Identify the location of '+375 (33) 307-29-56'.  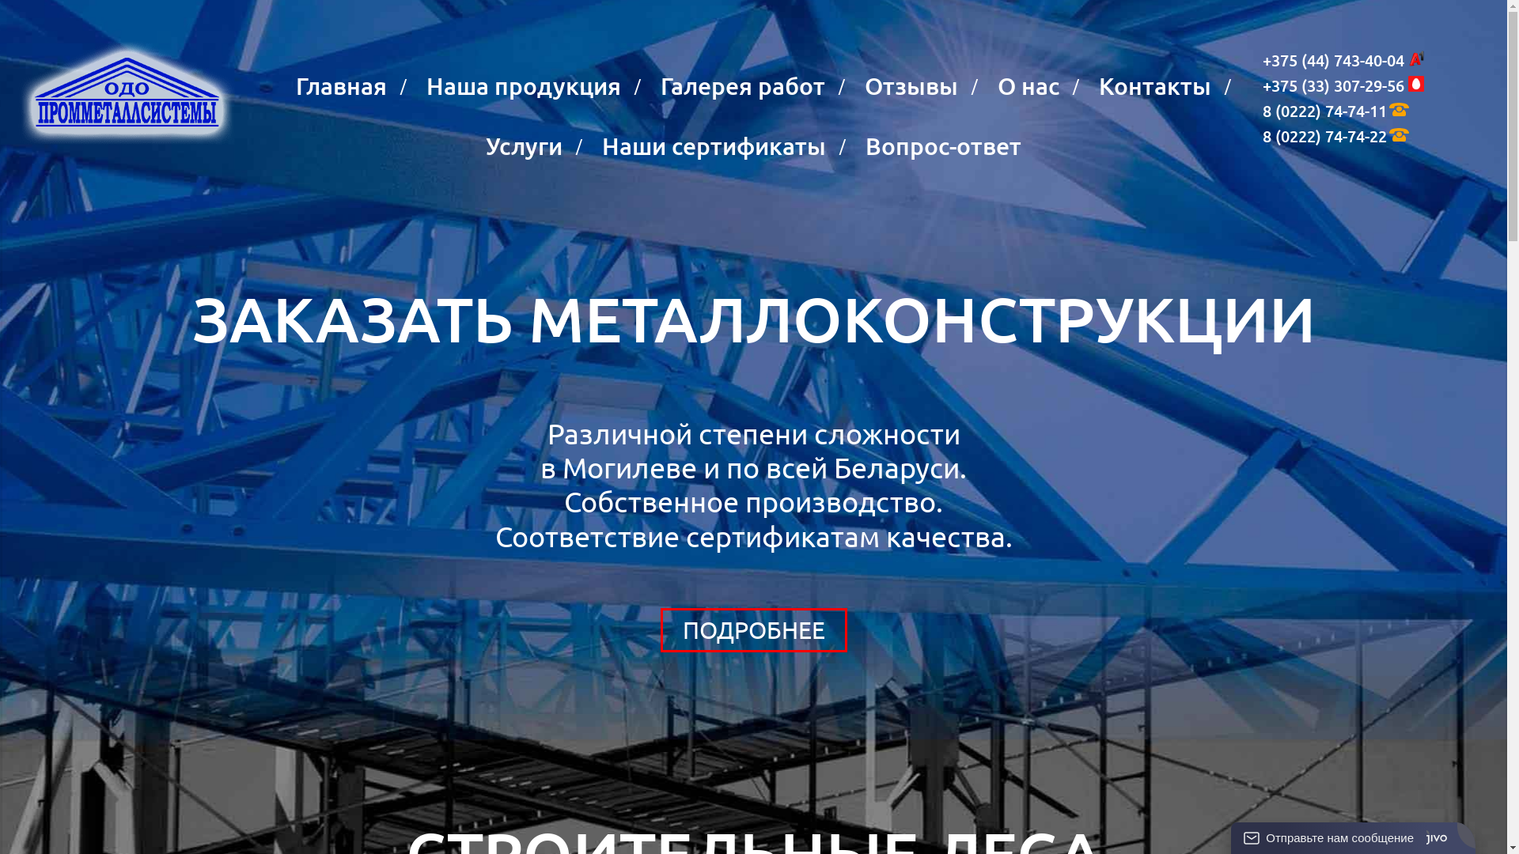
(1332, 85).